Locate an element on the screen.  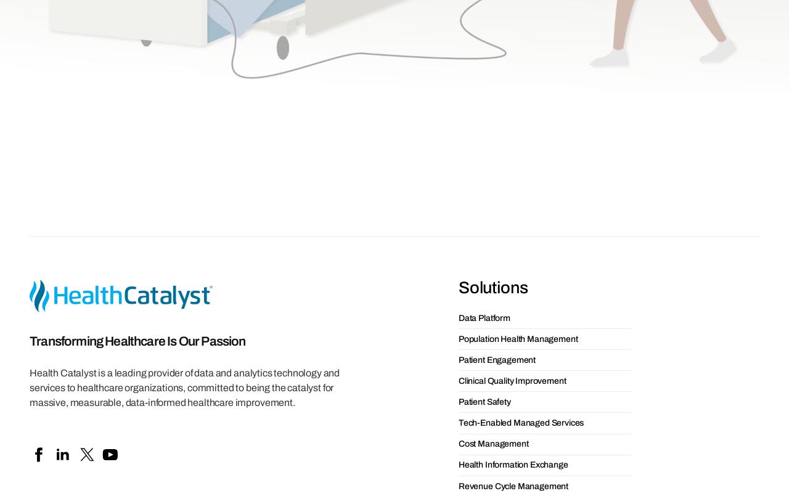
'Clinical Quality Improvement' is located at coordinates (512, 159).